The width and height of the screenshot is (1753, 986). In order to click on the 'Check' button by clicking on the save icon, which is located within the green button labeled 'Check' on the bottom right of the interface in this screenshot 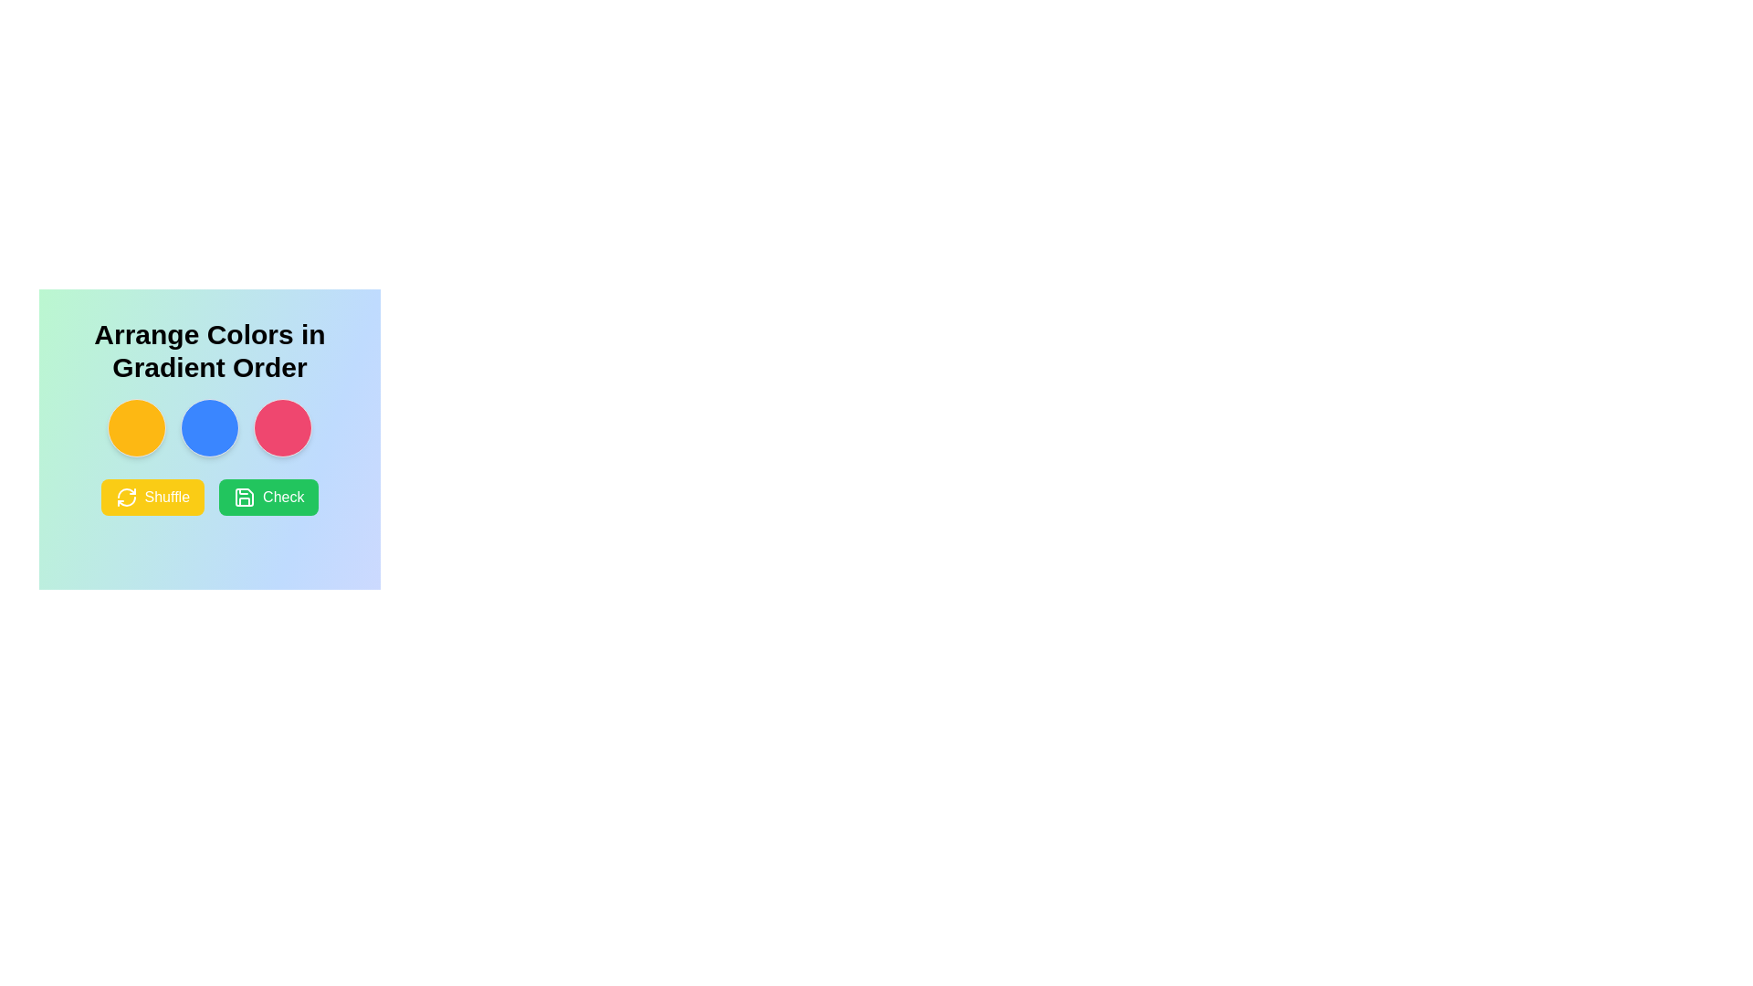, I will do `click(244, 497)`.